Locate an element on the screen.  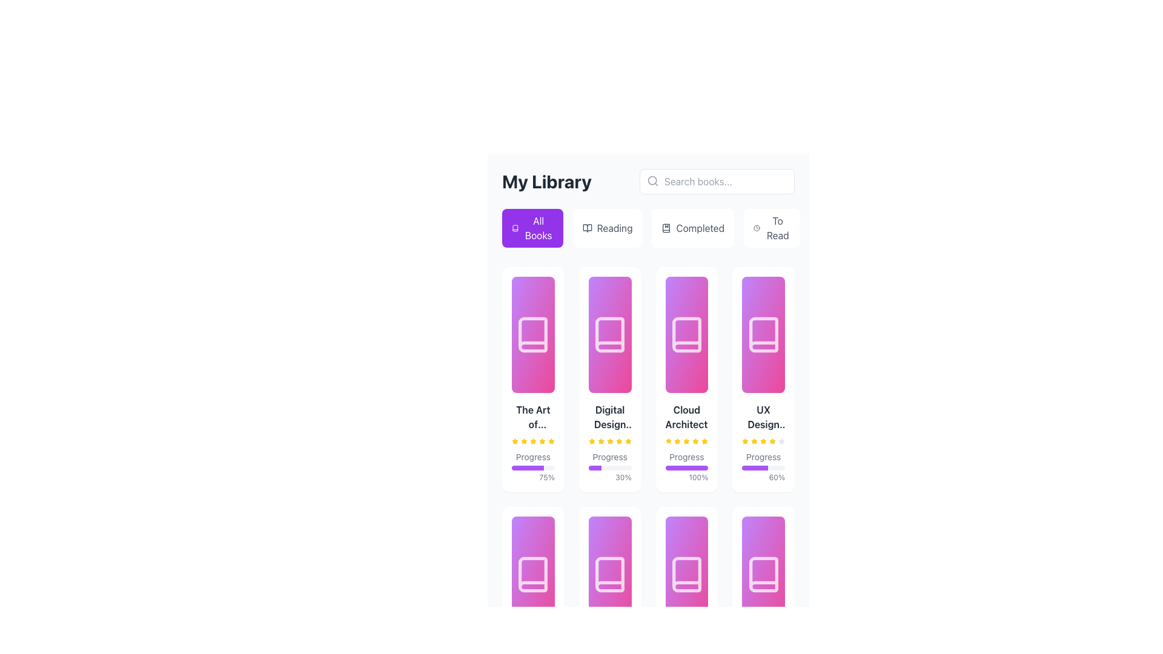
the progress bar associated with the 'Cloud Architect' item, located below the 'Progress' label and above the '100%' value text in the third card of the first row is located at coordinates (686, 467).